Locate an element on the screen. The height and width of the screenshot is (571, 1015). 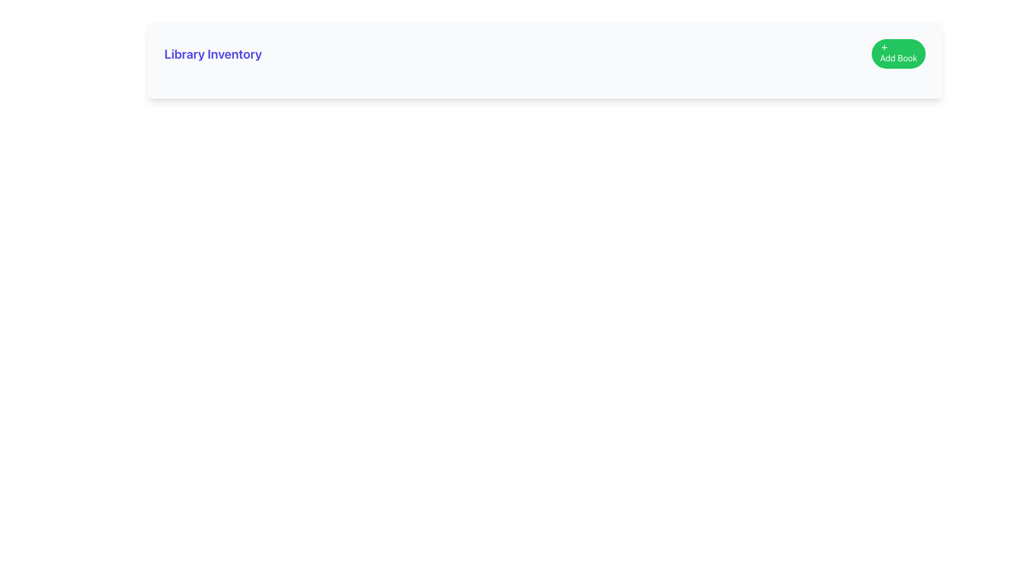
the static text header indicating the library inventory section, located at the top-left part of the interface is located at coordinates (213, 53).